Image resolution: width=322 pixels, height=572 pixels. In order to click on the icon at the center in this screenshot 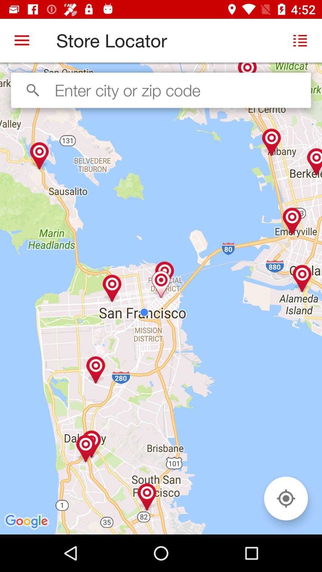, I will do `click(161, 299)`.